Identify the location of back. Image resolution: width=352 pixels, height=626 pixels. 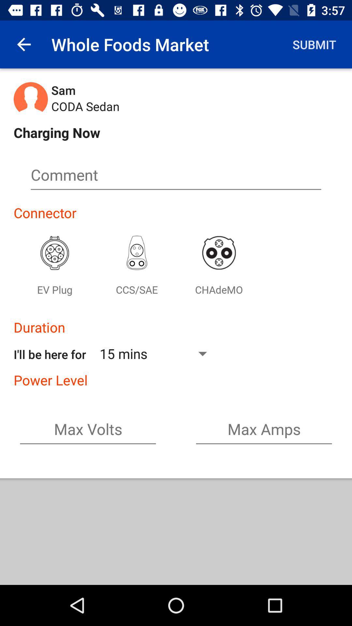
(23, 44).